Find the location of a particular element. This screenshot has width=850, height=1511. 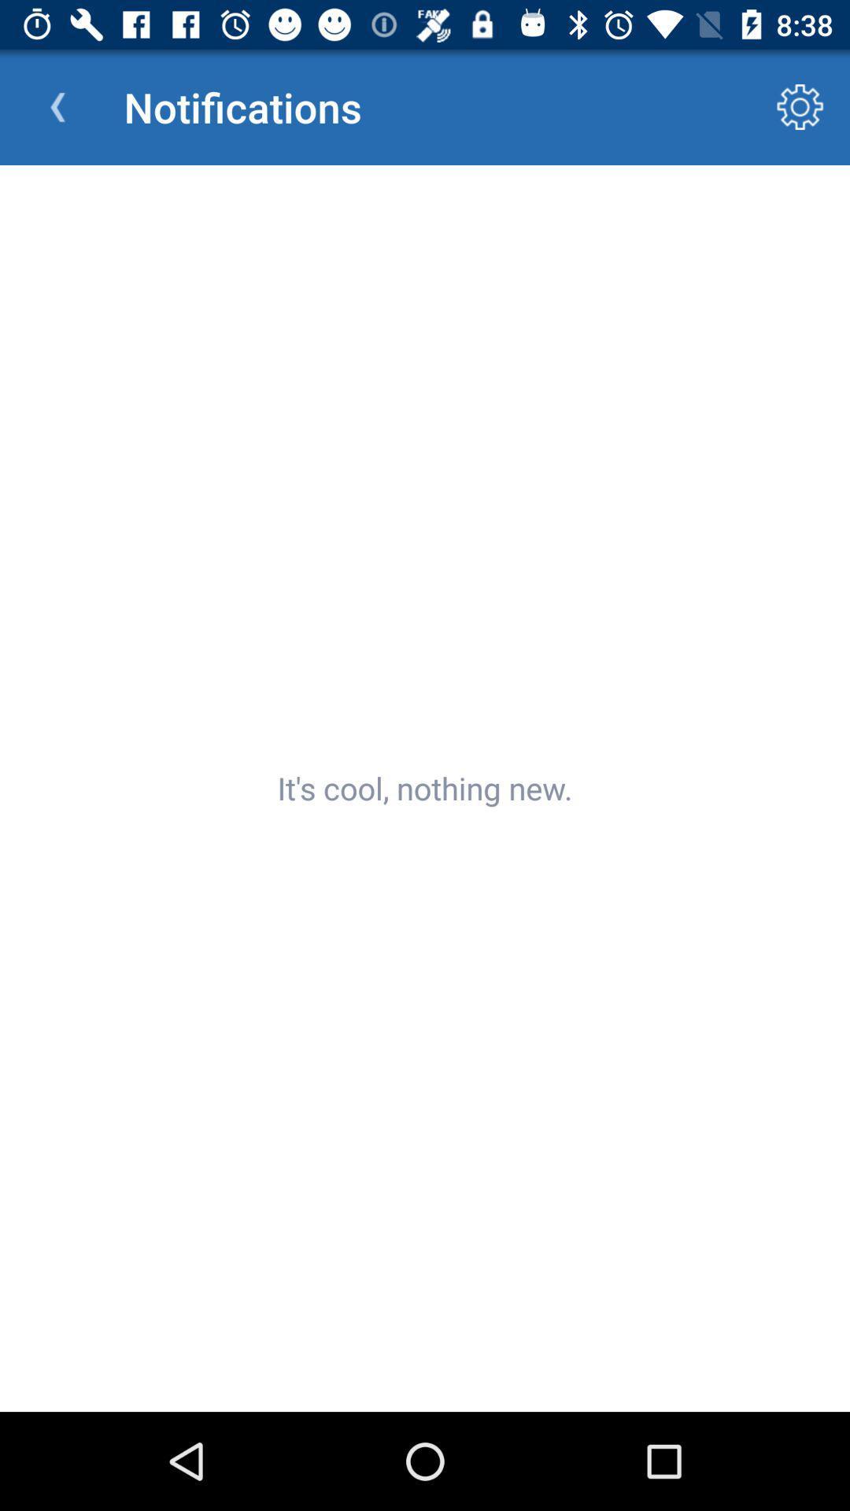

the item above it s cool is located at coordinates (57, 106).